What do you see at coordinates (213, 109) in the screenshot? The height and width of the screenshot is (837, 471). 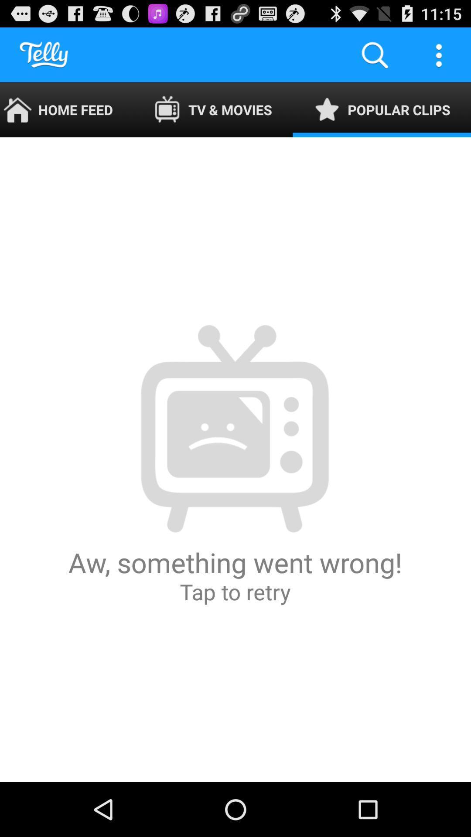 I see `app to the left of popular clips` at bounding box center [213, 109].